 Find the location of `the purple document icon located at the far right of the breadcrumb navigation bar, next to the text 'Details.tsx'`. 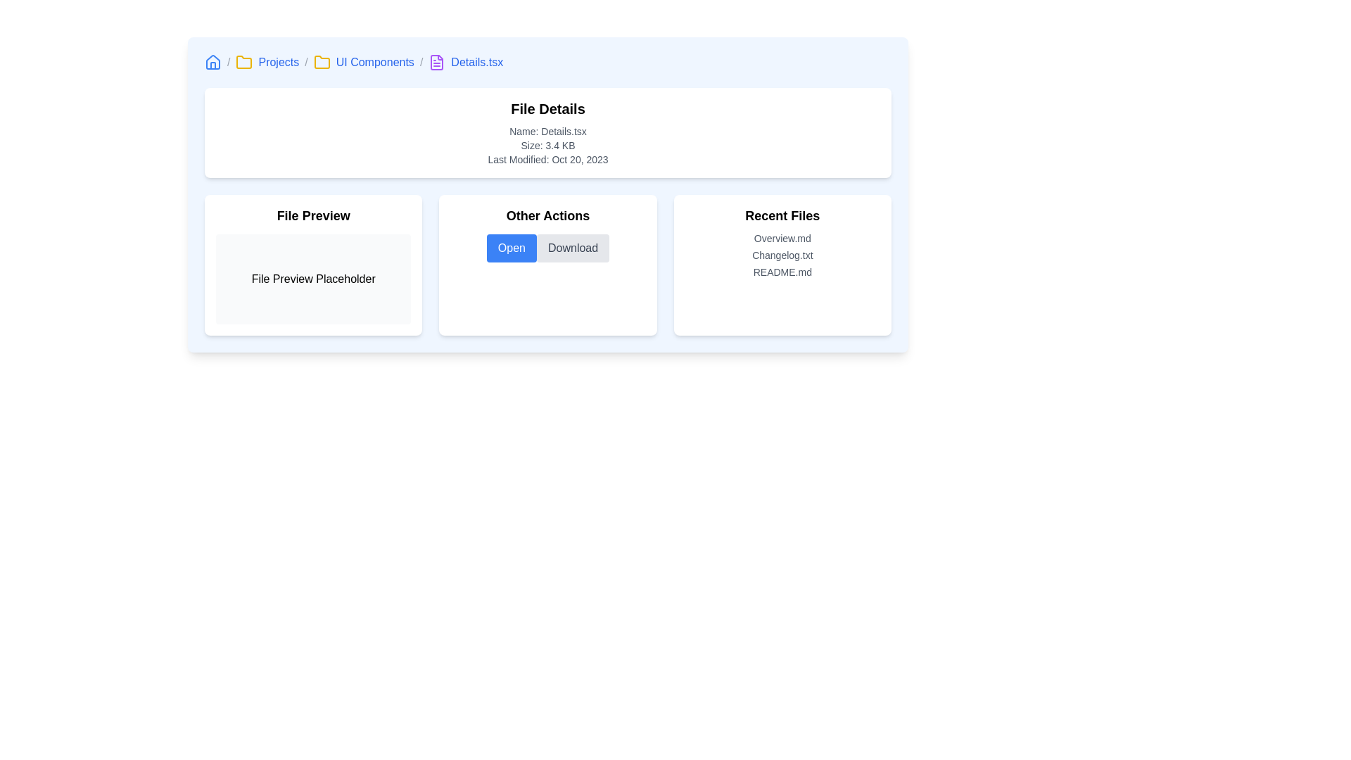

the purple document icon located at the far right of the breadcrumb navigation bar, next to the text 'Details.tsx' is located at coordinates (436, 61).